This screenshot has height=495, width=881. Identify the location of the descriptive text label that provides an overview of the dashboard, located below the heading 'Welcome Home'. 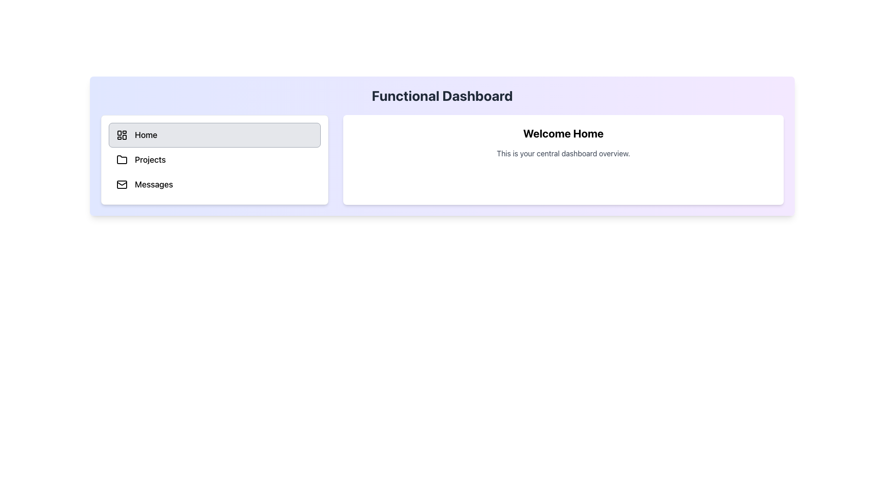
(563, 153).